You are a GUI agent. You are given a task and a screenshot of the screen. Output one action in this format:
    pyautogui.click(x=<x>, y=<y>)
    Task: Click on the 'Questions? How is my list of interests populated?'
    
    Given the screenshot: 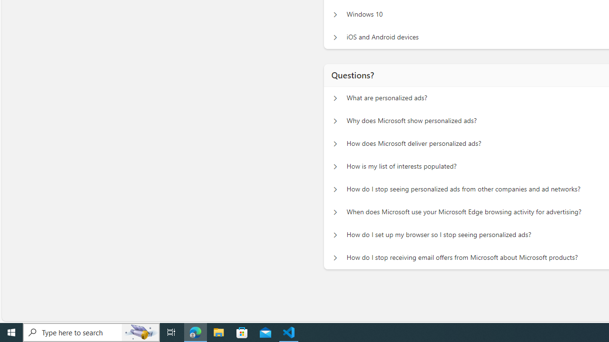 What is the action you would take?
    pyautogui.click(x=335, y=166)
    